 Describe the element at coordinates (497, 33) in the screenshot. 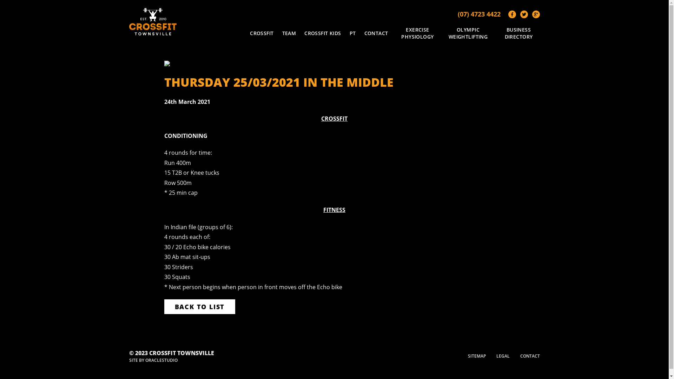

I see `'BUSINESS DIRECTORY'` at that location.